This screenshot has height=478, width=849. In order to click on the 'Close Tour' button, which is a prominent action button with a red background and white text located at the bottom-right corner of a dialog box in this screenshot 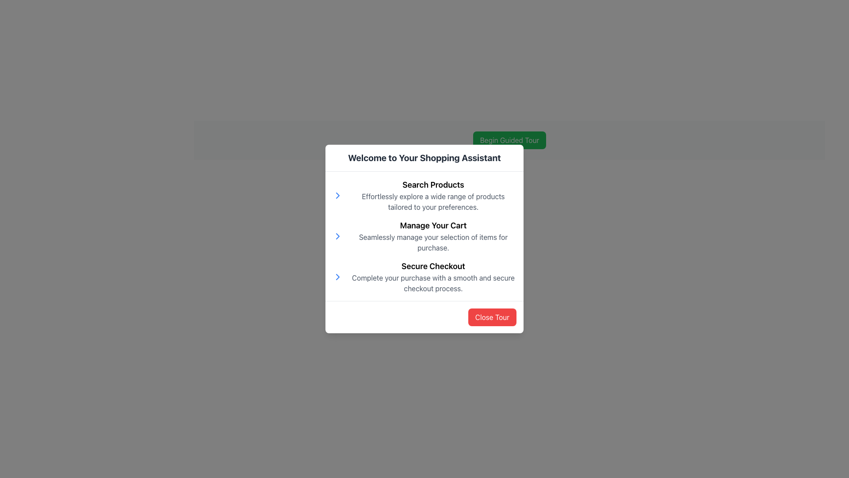, I will do `click(492, 317)`.